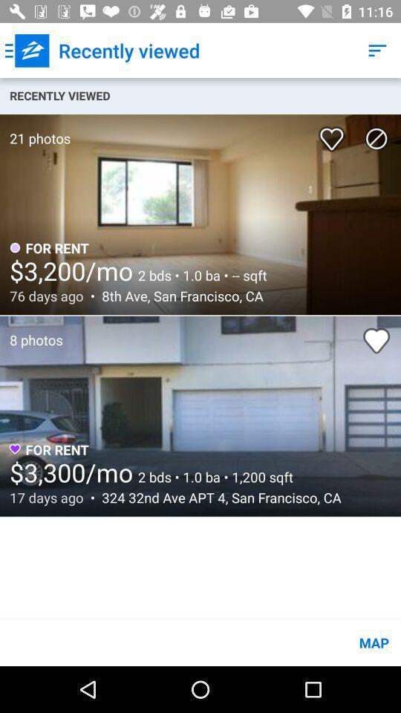 This screenshot has width=401, height=713. I want to click on the item below recently viewed icon, so click(334, 133).